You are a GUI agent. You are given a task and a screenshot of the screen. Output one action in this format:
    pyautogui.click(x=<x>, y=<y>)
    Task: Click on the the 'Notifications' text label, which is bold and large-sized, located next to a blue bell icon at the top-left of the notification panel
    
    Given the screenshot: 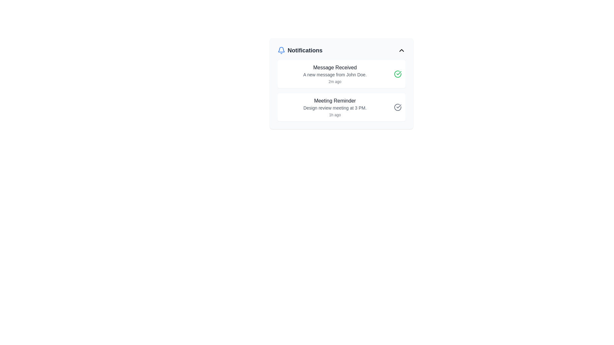 What is the action you would take?
    pyautogui.click(x=299, y=50)
    